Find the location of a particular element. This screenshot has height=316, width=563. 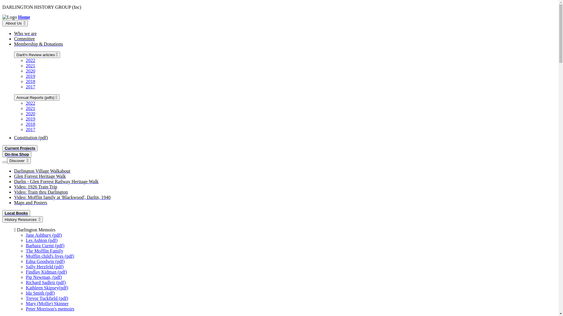

'2017' is located at coordinates (30, 129).